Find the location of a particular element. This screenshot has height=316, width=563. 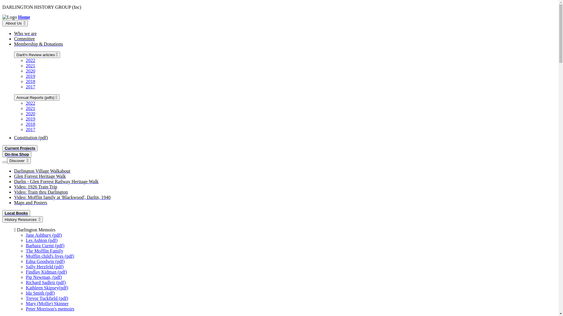

'2017' is located at coordinates (30, 129).